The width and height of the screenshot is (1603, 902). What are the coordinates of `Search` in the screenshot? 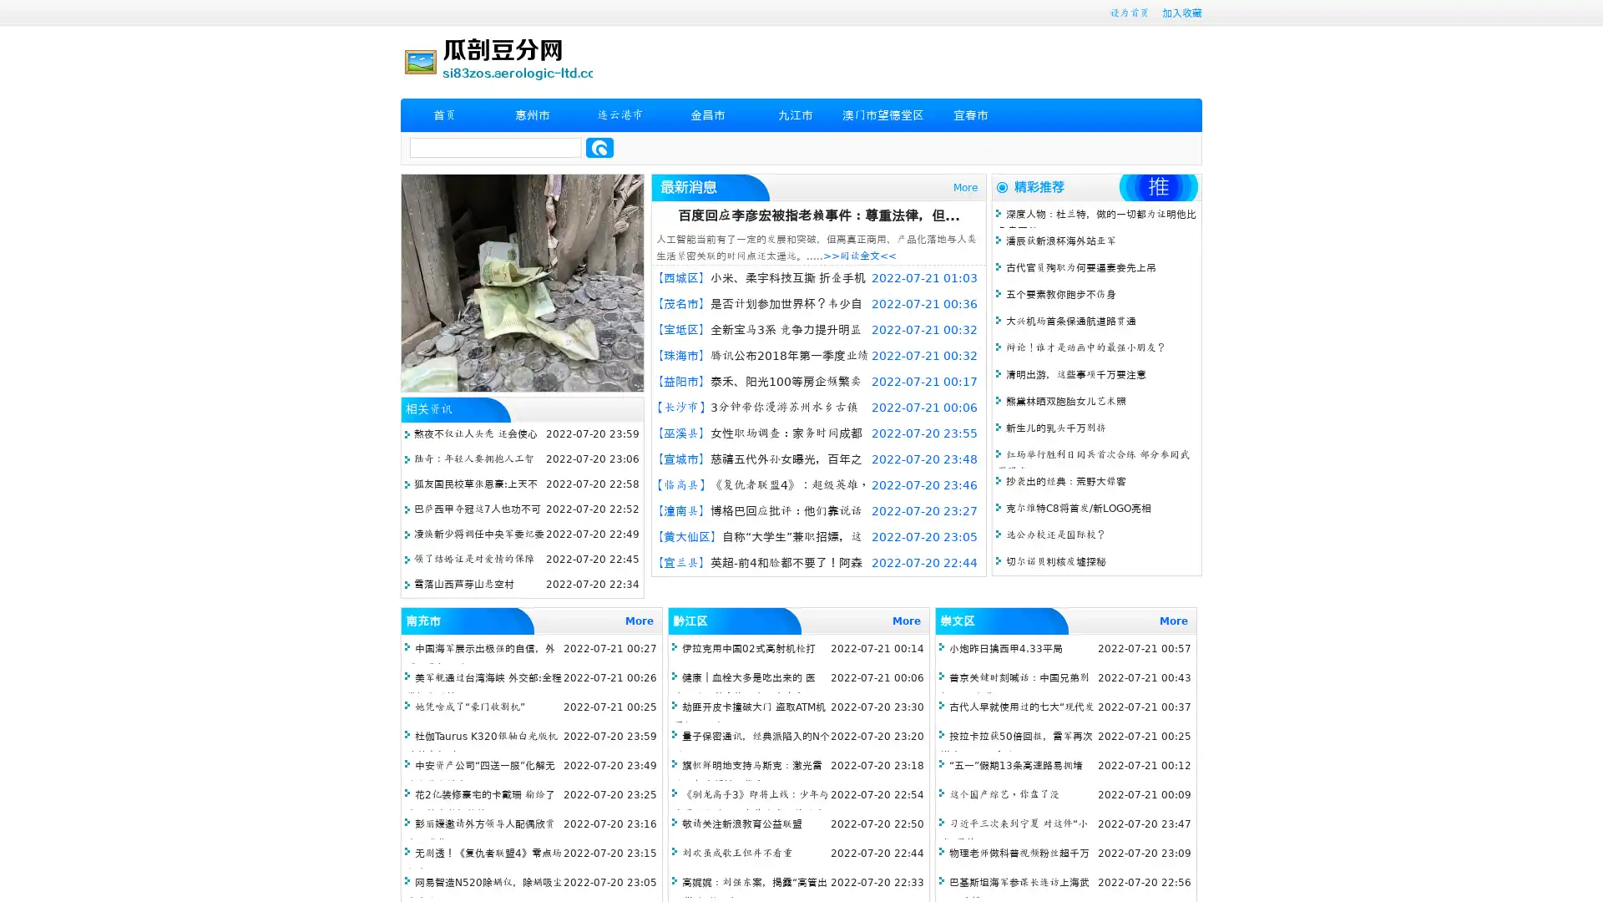 It's located at (599, 147).